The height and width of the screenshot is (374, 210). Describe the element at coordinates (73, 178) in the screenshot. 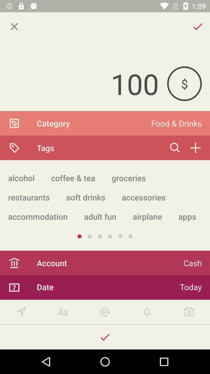

I see `item to the left of the groceries app` at that location.